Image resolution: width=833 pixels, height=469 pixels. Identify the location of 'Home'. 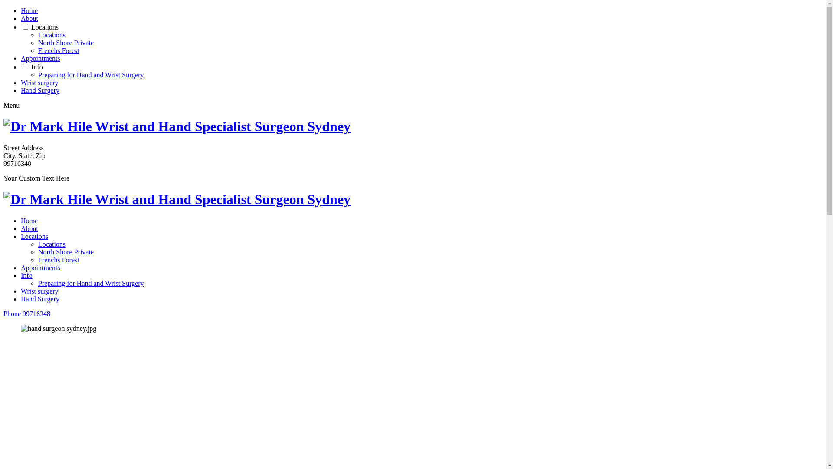
(29, 220).